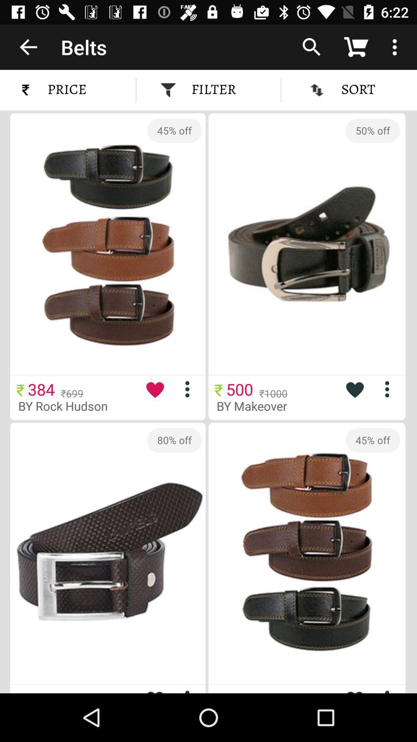  Describe the element at coordinates (311, 46) in the screenshot. I see `the icon to the right of filter item` at that location.